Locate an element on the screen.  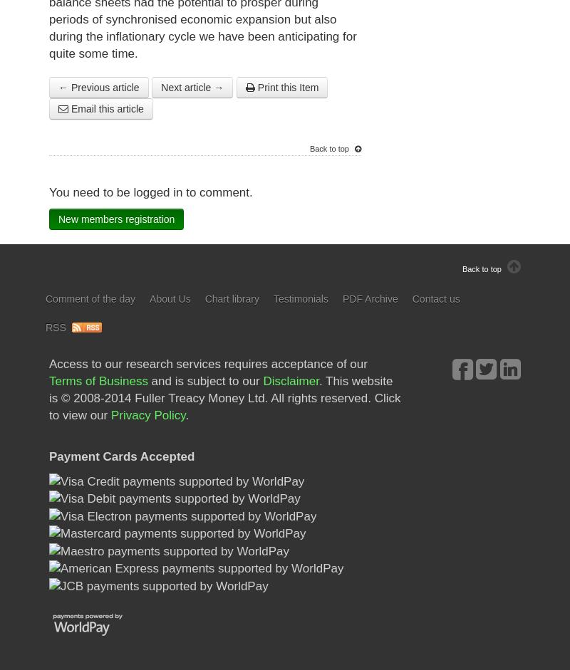
'.' is located at coordinates (186, 414).